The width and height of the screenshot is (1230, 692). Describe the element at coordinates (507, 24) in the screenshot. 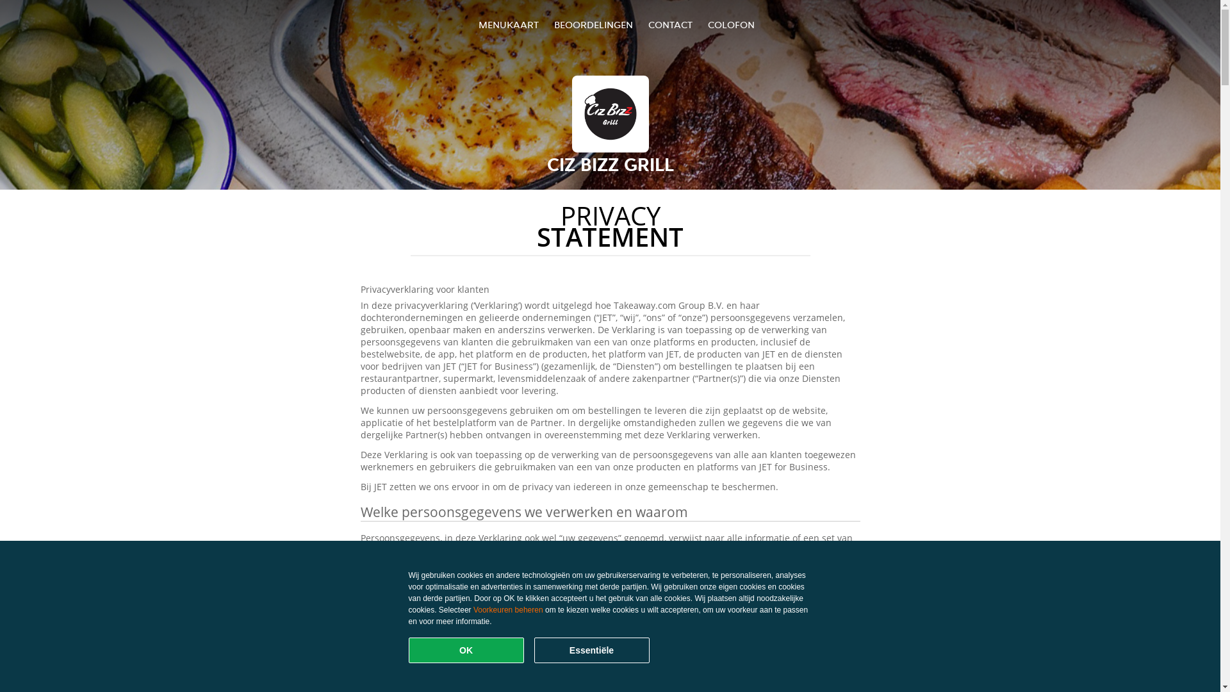

I see `'MENUKAART'` at that location.